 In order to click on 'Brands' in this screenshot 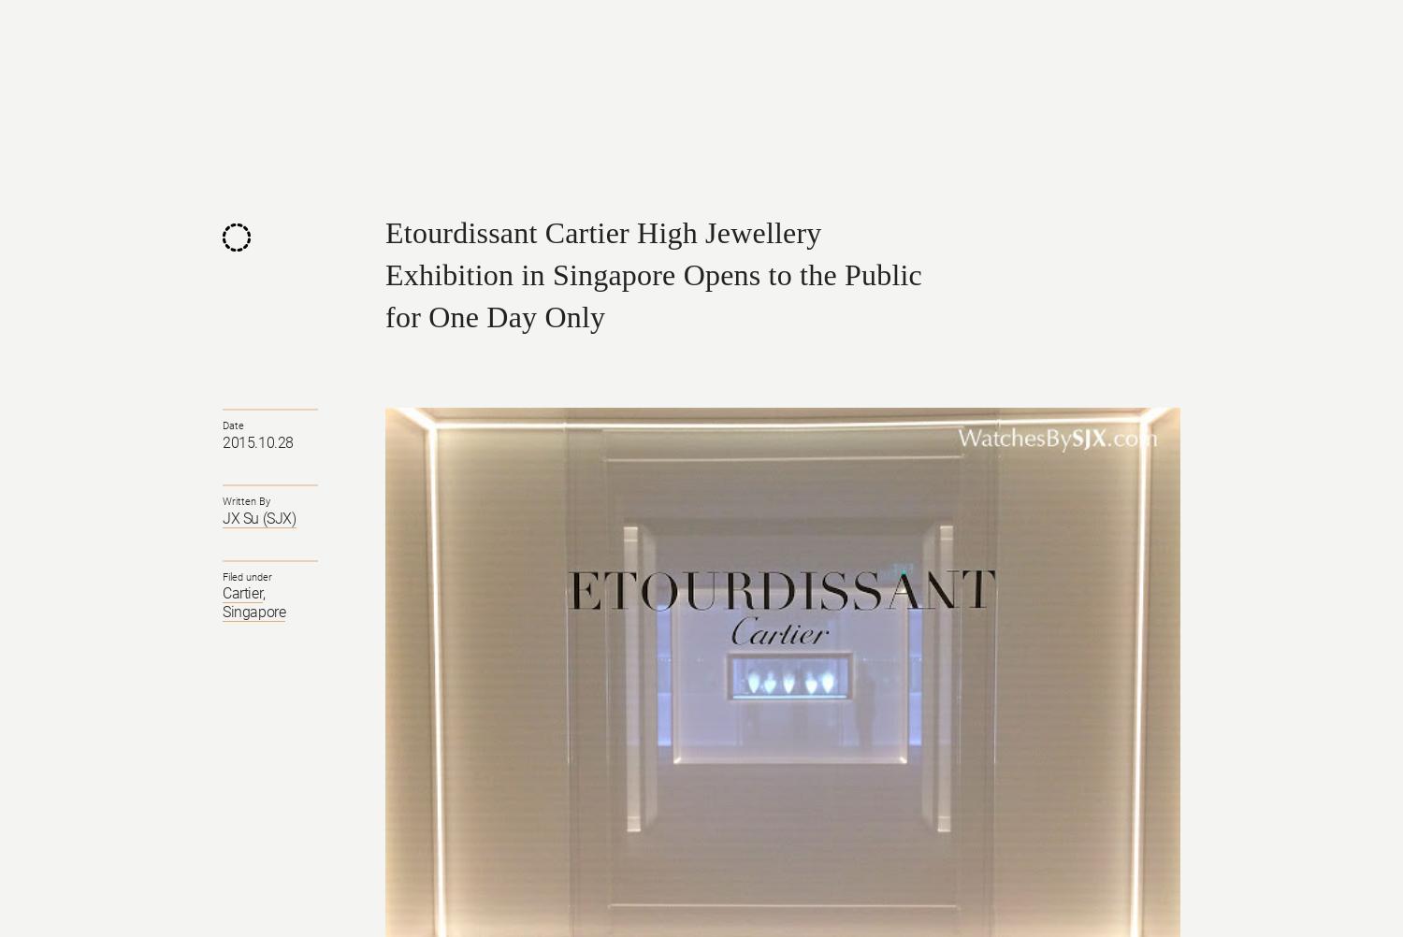, I will do `click(824, 50)`.